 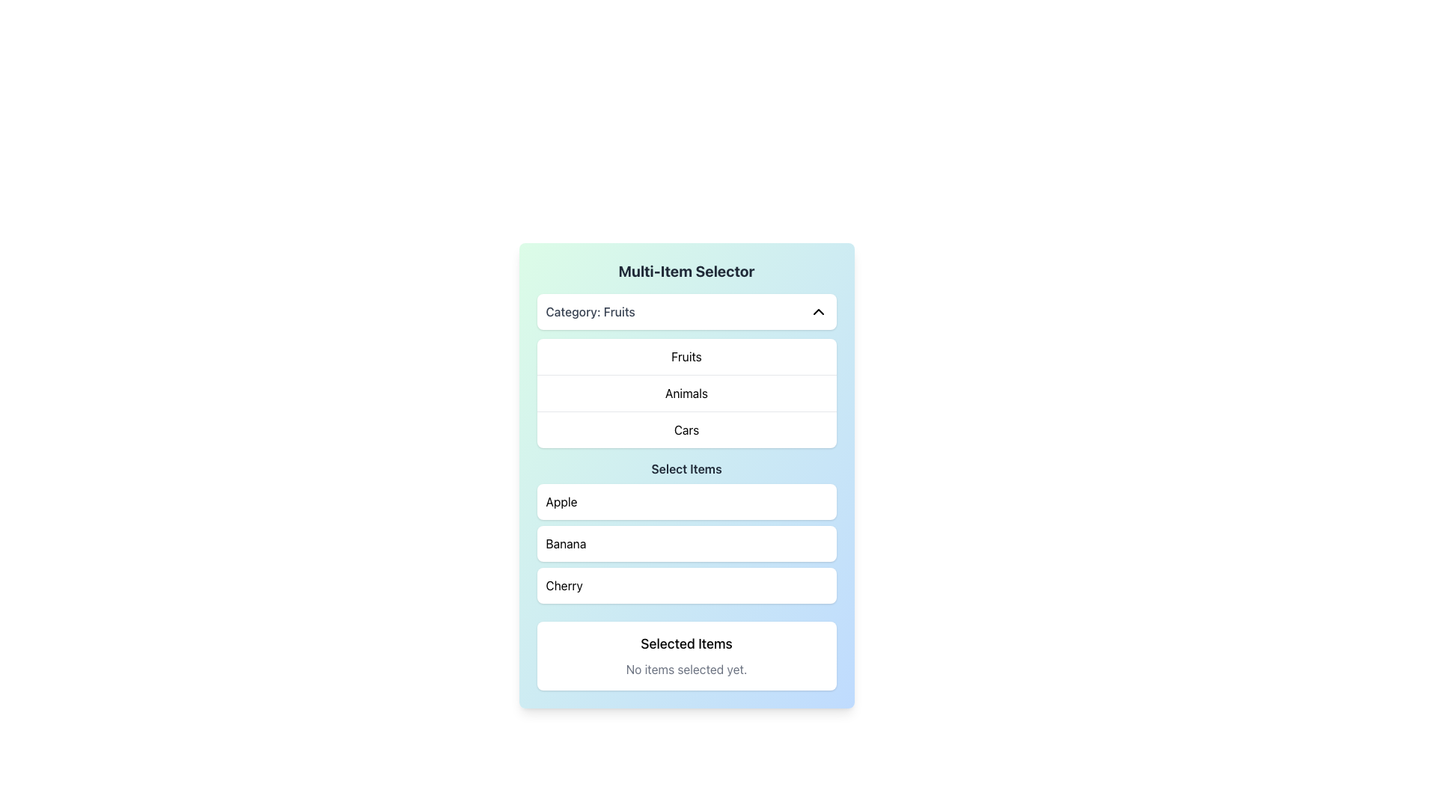 What do you see at coordinates (686, 429) in the screenshot?
I see `the third item in the category selection menu, labeled 'Cars'` at bounding box center [686, 429].